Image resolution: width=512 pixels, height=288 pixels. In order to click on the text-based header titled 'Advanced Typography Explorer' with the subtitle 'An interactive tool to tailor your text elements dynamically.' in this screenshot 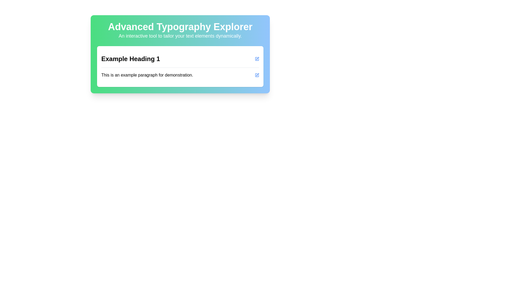, I will do `click(180, 31)`.